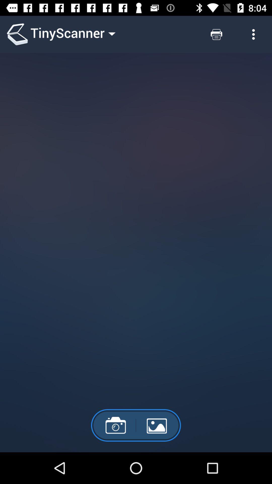  What do you see at coordinates (158, 425) in the screenshot?
I see `the wallpaper icon` at bounding box center [158, 425].